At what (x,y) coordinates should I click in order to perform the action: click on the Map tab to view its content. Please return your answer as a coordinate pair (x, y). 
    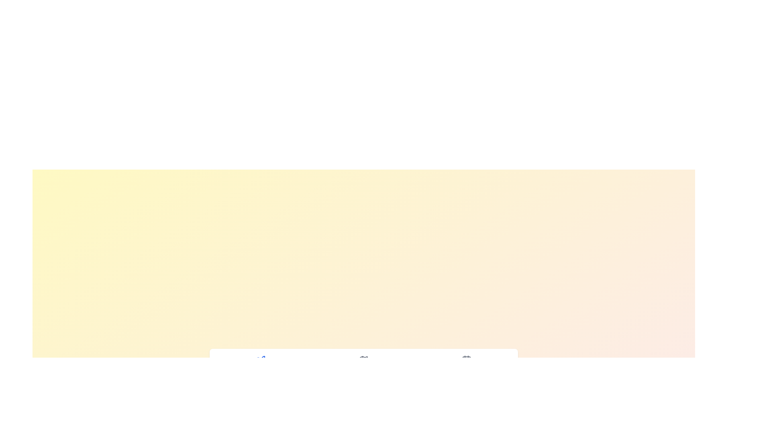
    Looking at the image, I should click on (363, 364).